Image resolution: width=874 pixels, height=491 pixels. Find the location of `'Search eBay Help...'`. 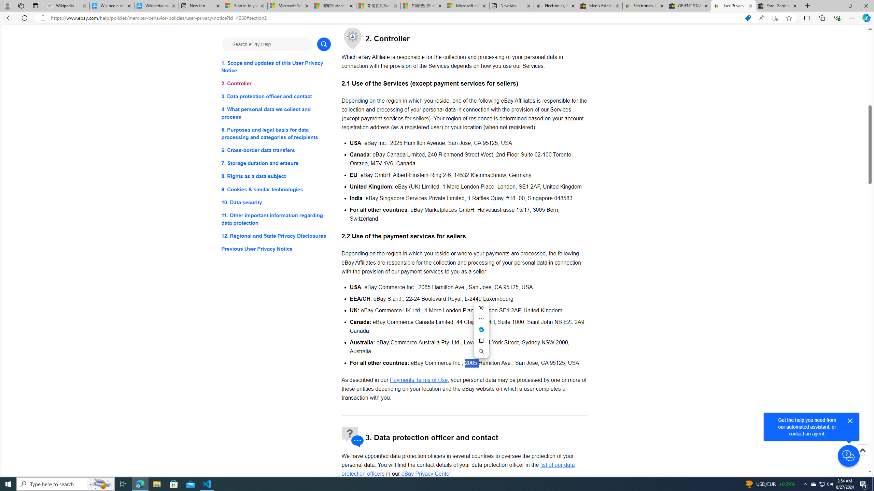

'Search eBay Help...' is located at coordinates (267, 44).